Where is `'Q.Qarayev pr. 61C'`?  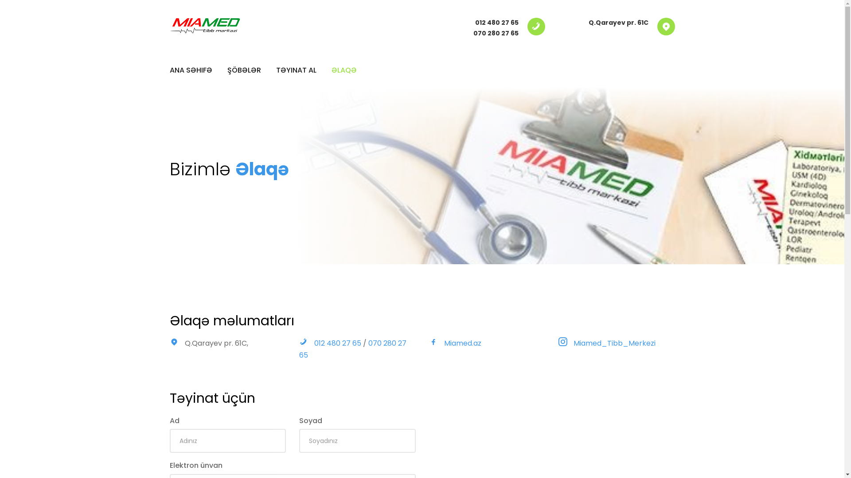
'Q.Qarayev pr. 61C' is located at coordinates (618, 22).